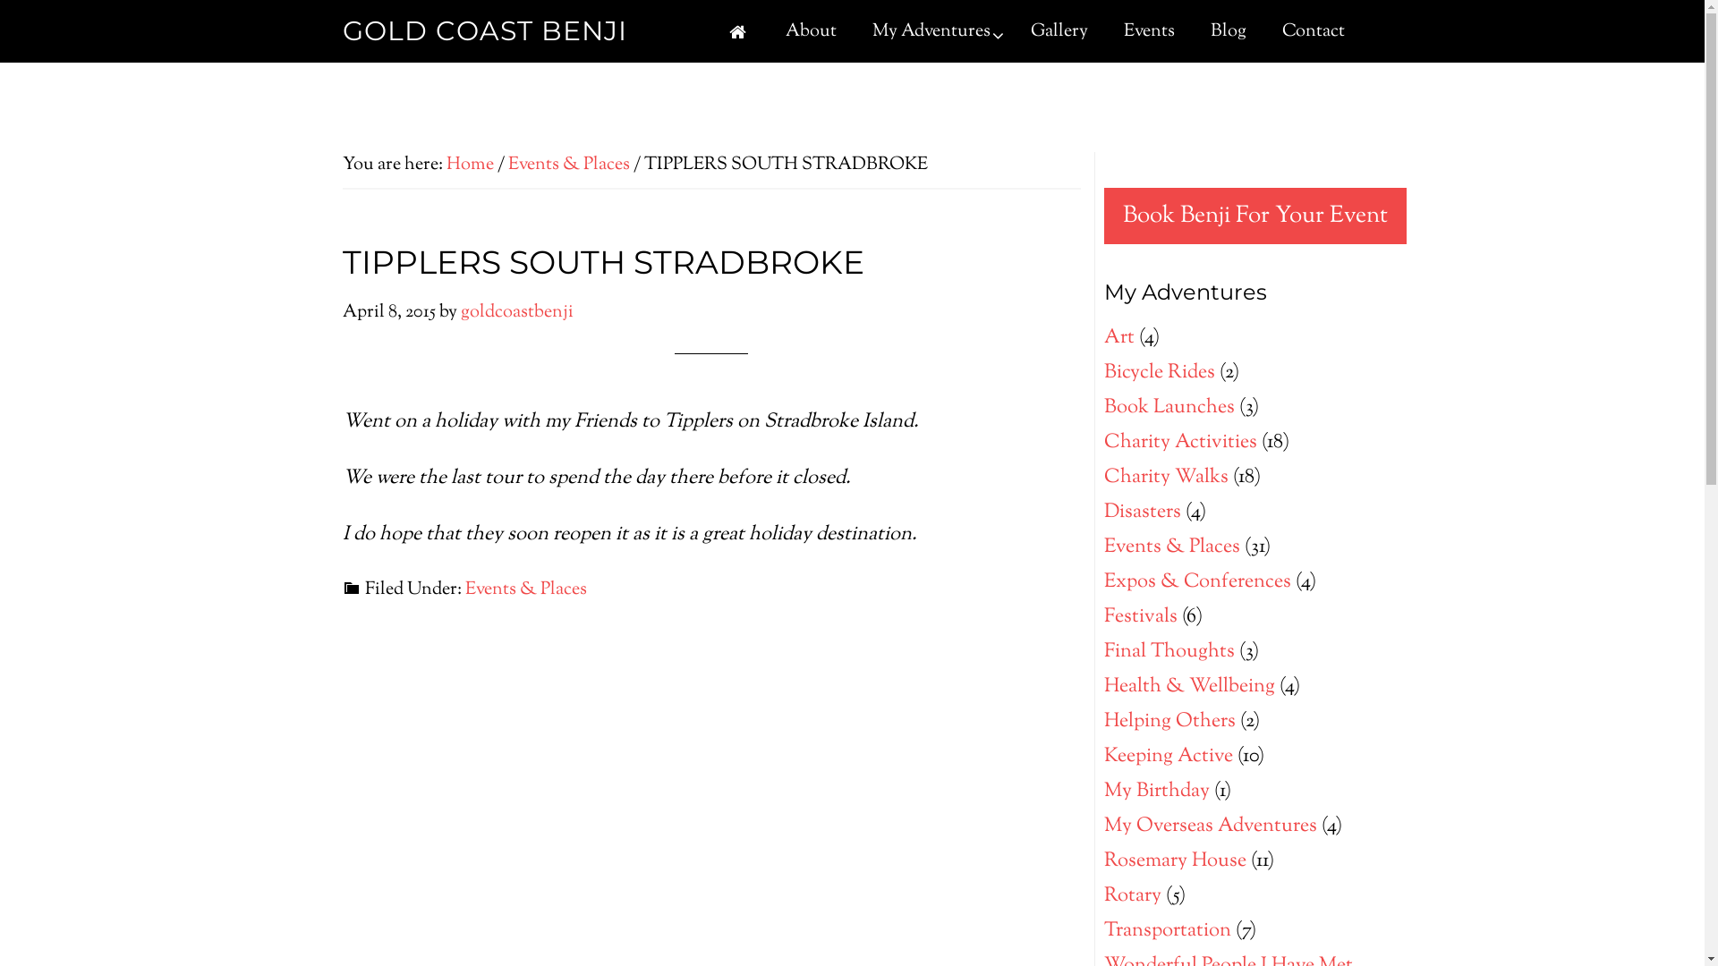 The image size is (1718, 966). What do you see at coordinates (1227, 31) in the screenshot?
I see `'Blog'` at bounding box center [1227, 31].